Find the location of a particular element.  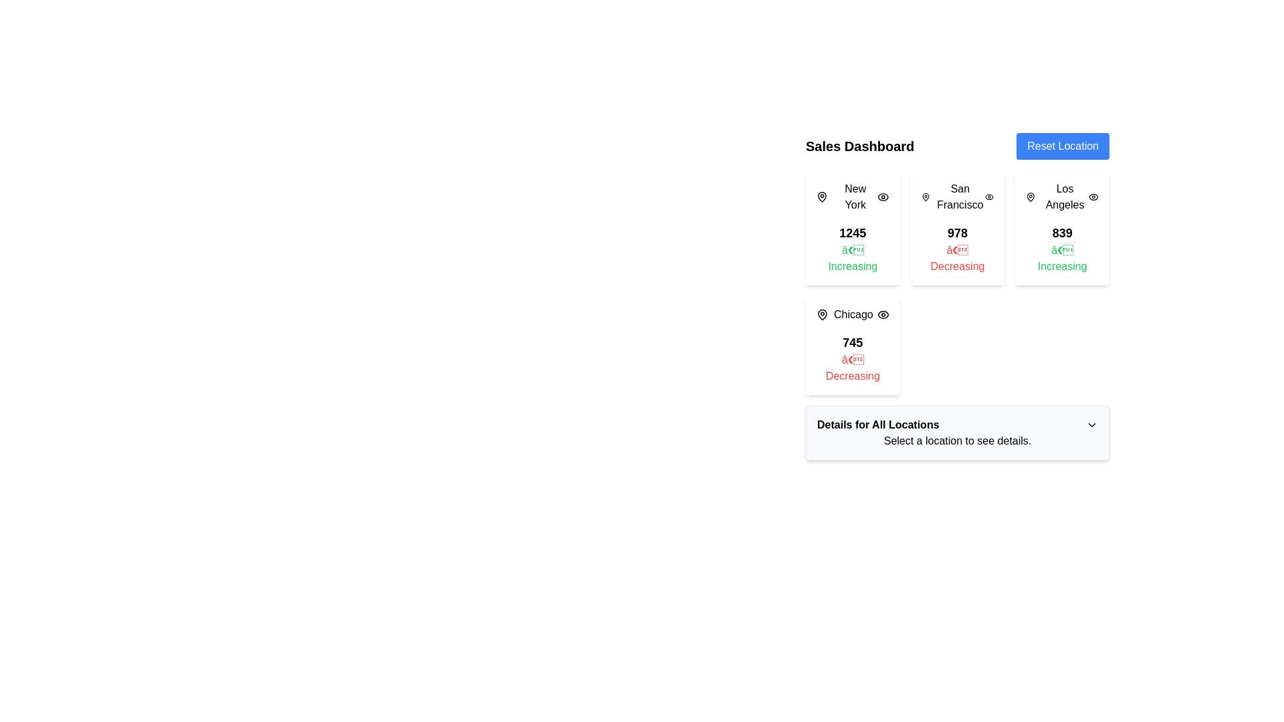

the text label indicating the location 'New York', which is positioned at the top-left corner of its section on the dashboard under the 'Sales Dashboard' heading is located at coordinates (846, 197).